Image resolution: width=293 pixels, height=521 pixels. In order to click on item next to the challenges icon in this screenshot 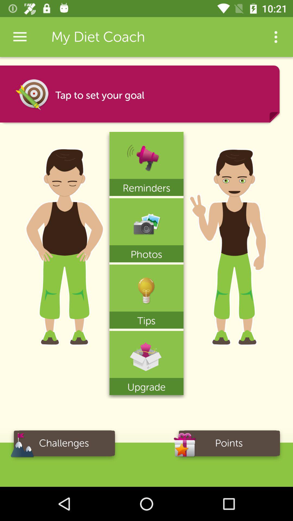, I will do `click(229, 445)`.